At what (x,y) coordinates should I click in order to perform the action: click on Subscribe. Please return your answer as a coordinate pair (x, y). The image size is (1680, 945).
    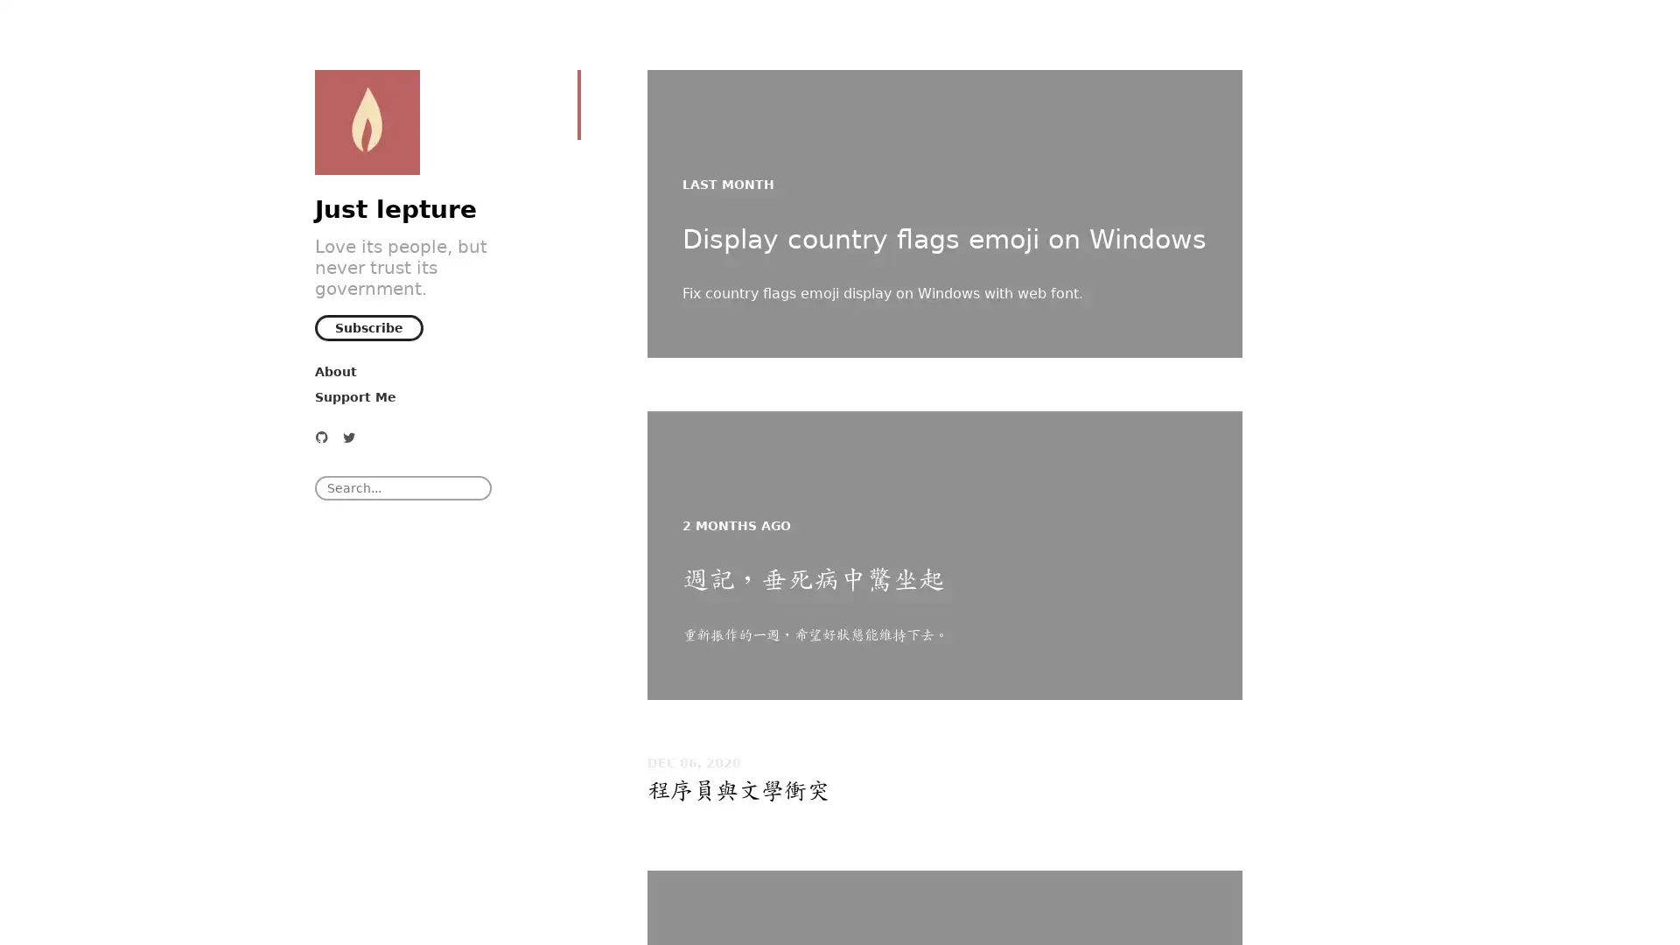
    Looking at the image, I should click on (368, 327).